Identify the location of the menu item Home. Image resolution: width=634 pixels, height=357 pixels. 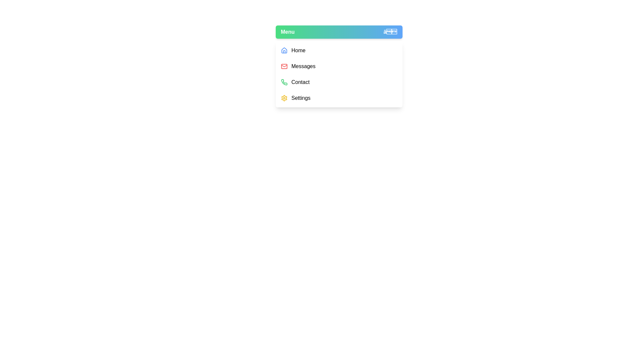
(339, 50).